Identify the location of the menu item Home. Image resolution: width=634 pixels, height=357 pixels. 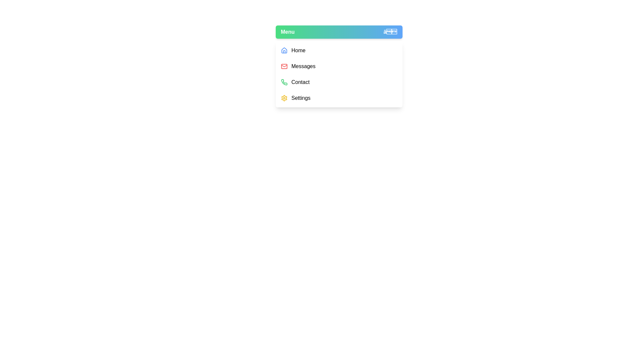
(339, 50).